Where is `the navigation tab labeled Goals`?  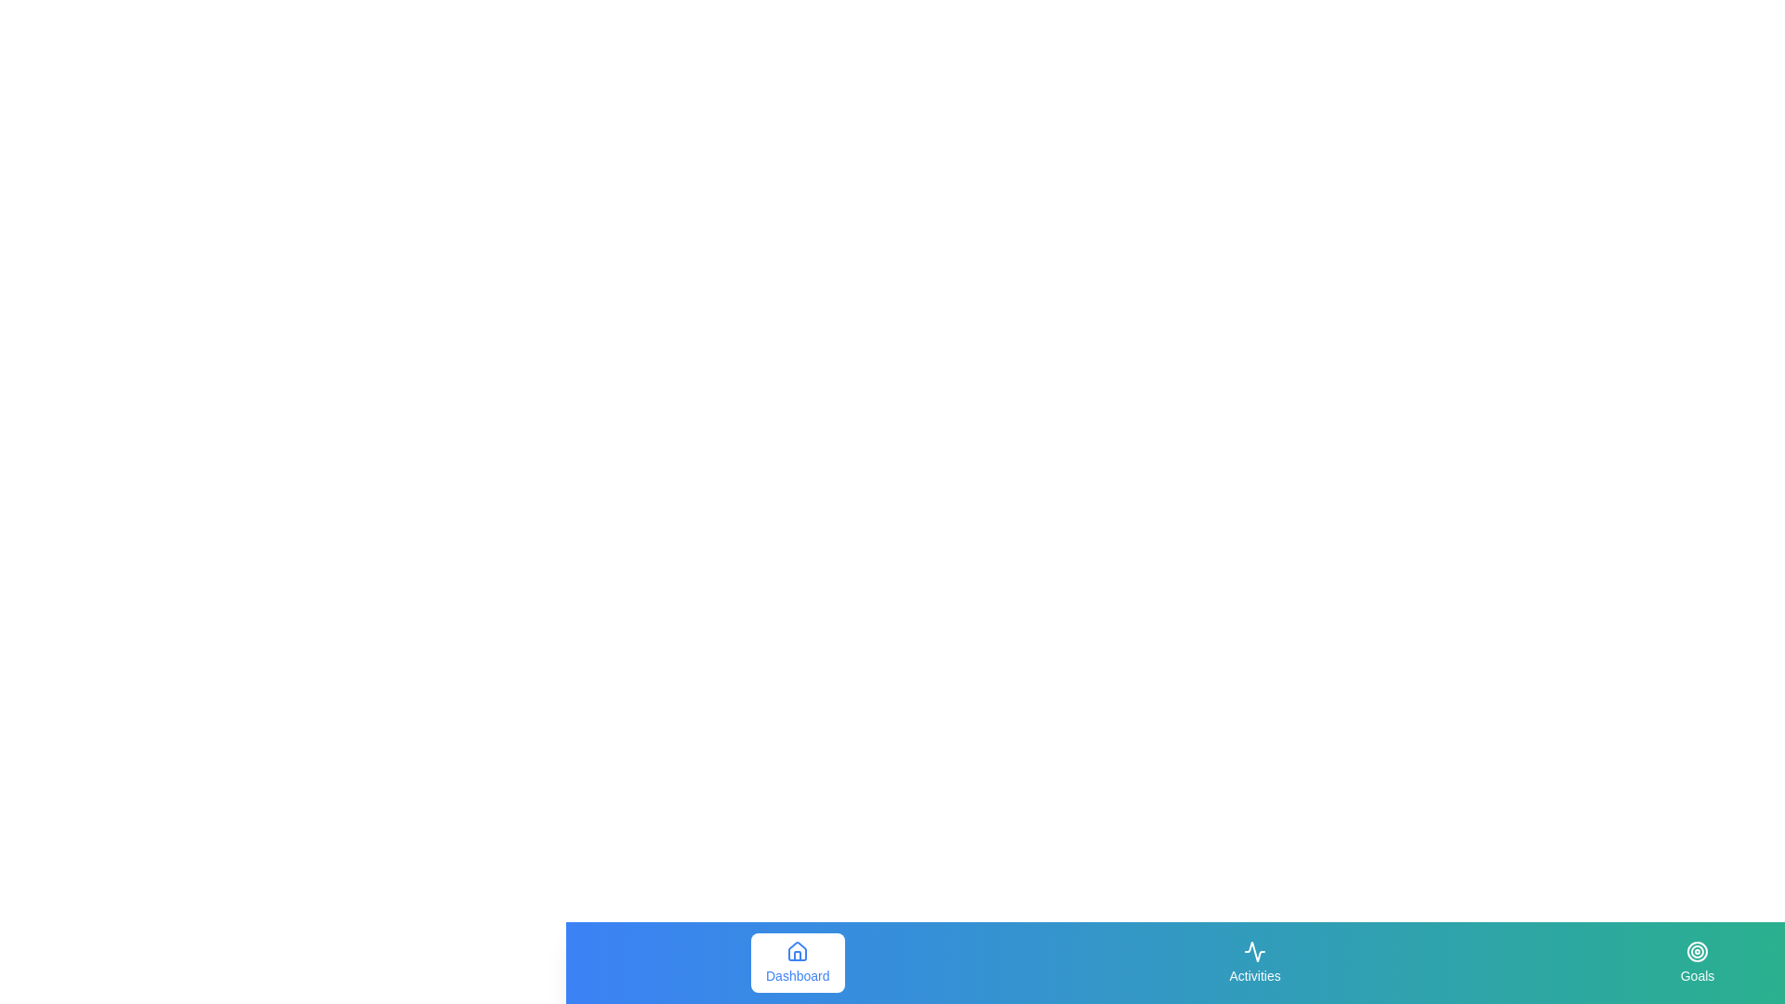 the navigation tab labeled Goals is located at coordinates (1698, 962).